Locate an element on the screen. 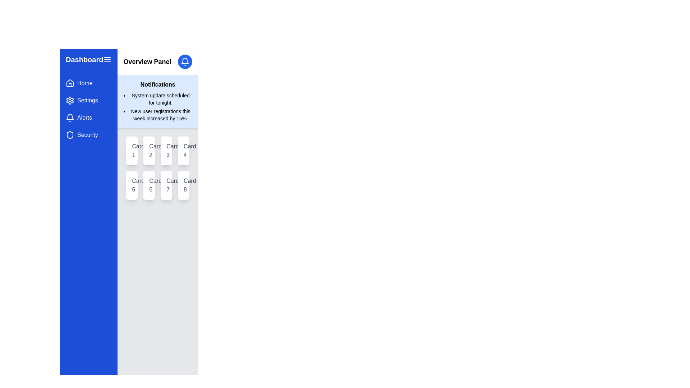 The image size is (690, 388). the settings gear icon, which is the first element is located at coordinates (70, 101).